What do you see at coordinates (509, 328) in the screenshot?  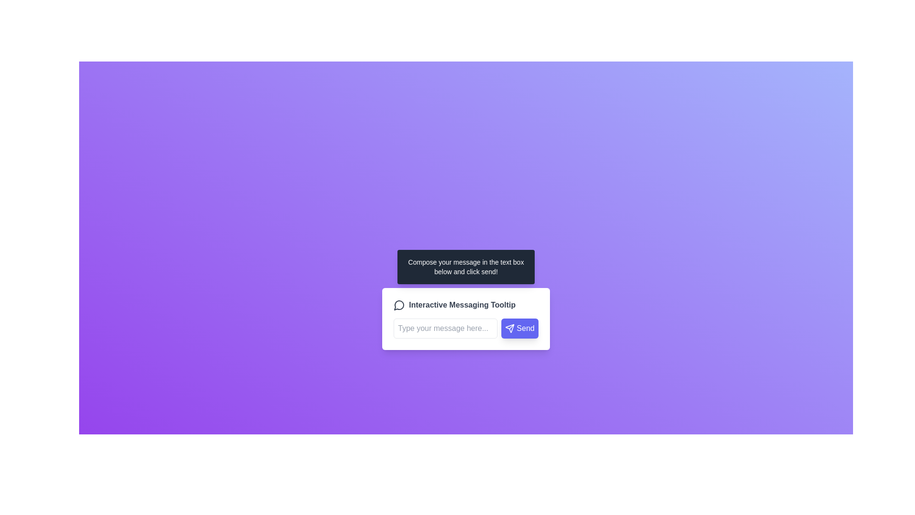 I see `the ornate arrow icon located to the left of the 'Send' text label within the button element in the messaging interface for visual feedback` at bounding box center [509, 328].